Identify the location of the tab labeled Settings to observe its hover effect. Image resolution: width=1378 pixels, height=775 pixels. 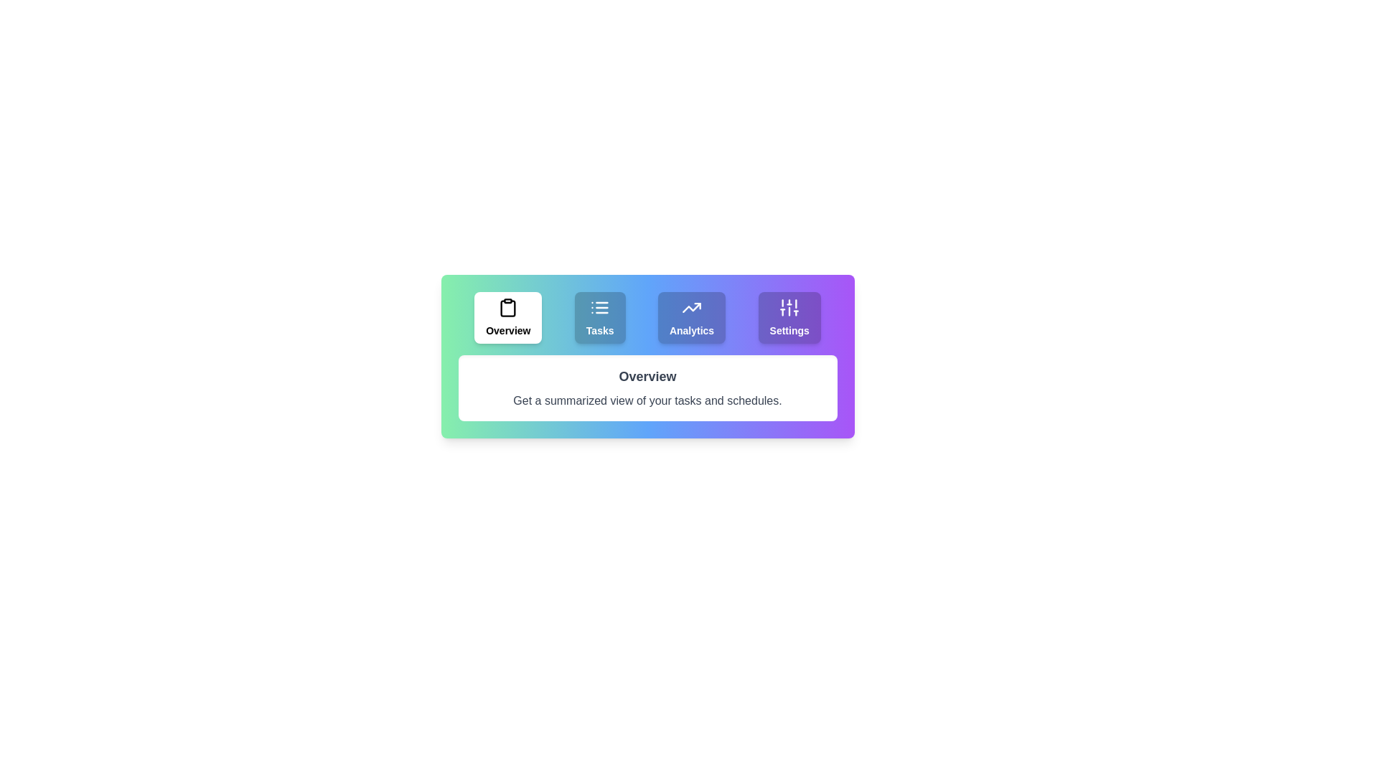
(788, 317).